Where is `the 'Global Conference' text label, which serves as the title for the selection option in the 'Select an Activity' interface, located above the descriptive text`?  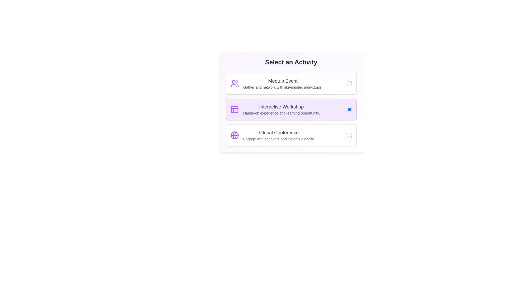
the 'Global Conference' text label, which serves as the title for the selection option in the 'Select an Activity' interface, located above the descriptive text is located at coordinates (279, 132).